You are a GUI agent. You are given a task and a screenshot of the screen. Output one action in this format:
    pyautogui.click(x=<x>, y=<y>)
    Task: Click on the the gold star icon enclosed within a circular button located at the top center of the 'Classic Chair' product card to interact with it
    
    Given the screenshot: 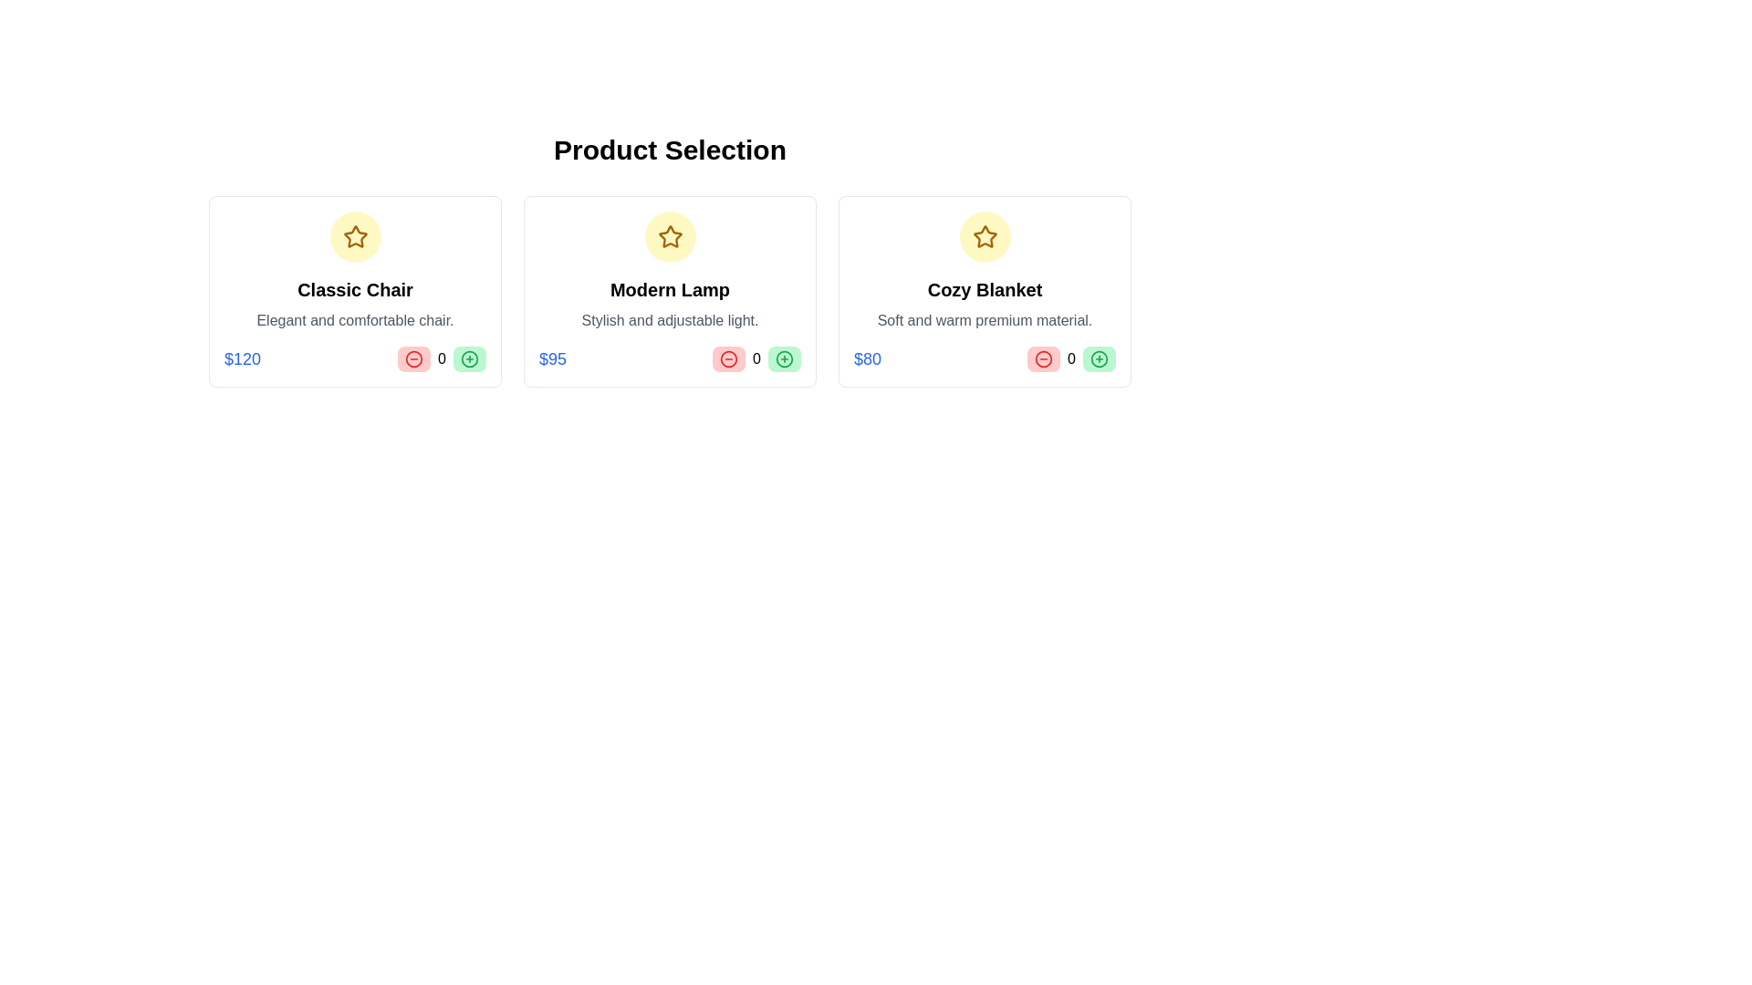 What is the action you would take?
    pyautogui.click(x=355, y=235)
    